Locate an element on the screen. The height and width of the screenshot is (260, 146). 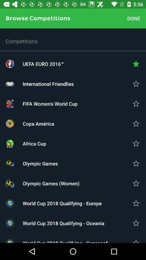
africa cup item is located at coordinates (73, 143).